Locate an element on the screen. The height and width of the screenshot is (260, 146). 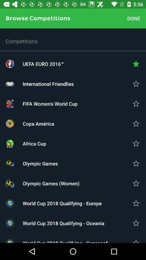
africa cup item is located at coordinates (73, 143).